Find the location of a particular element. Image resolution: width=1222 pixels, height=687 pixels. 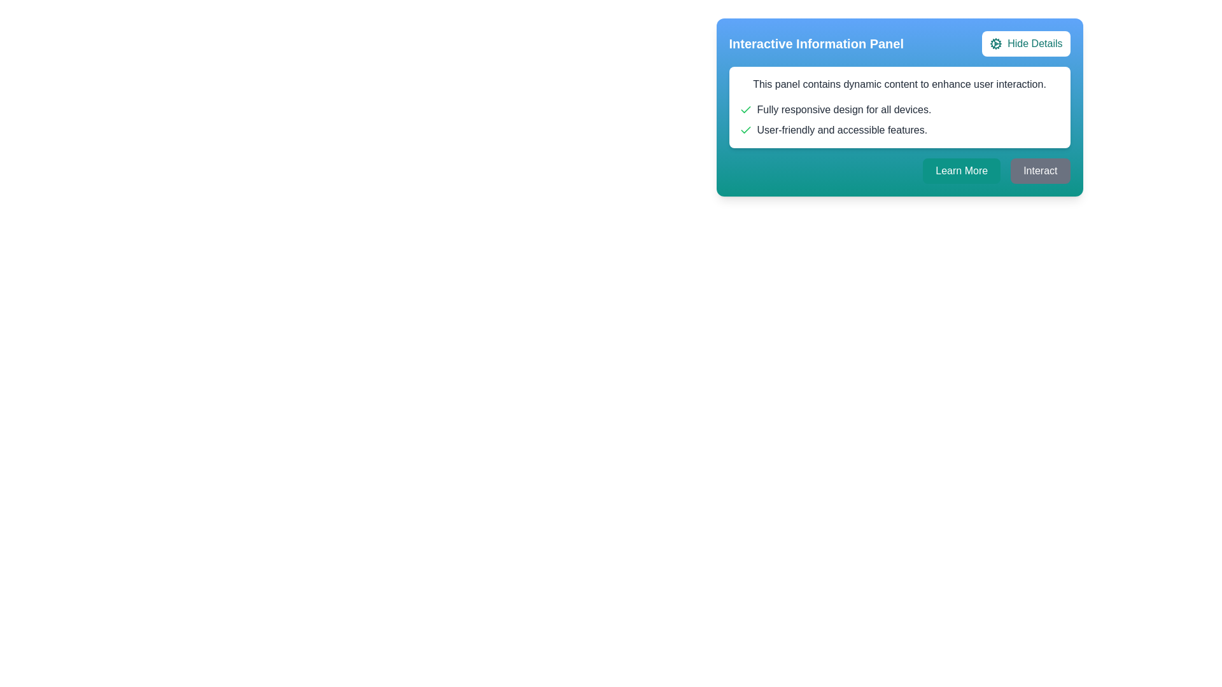

the green cogwheel icon located at the top-right corner of the 'Interactive Information Panel', adjacent to the 'Hide Details' button is located at coordinates (995, 43).